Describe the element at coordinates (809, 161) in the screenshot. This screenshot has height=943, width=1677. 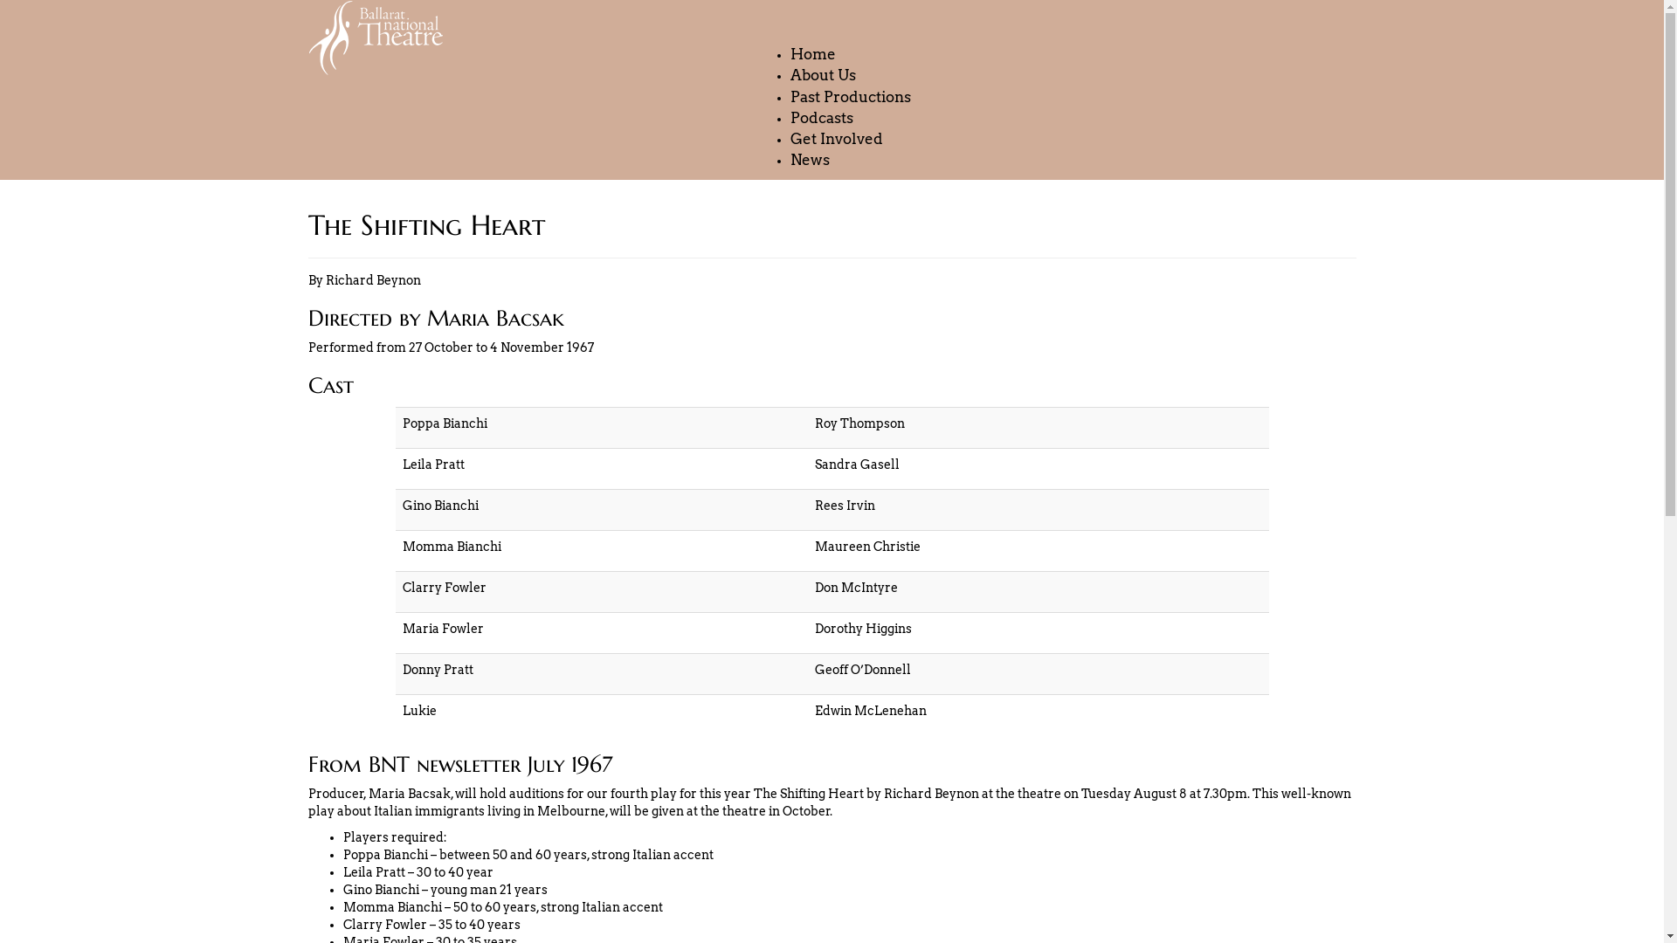
I see `'News'` at that location.